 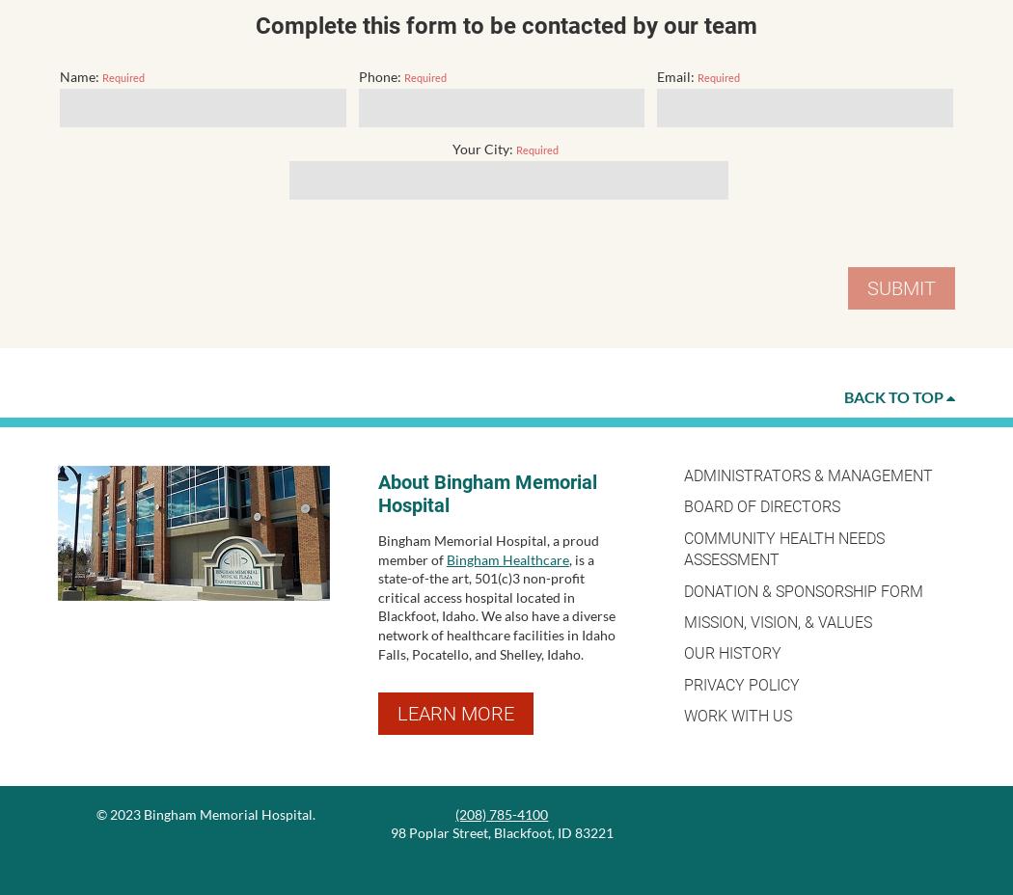 What do you see at coordinates (736, 715) in the screenshot?
I see `'Work with Us'` at bounding box center [736, 715].